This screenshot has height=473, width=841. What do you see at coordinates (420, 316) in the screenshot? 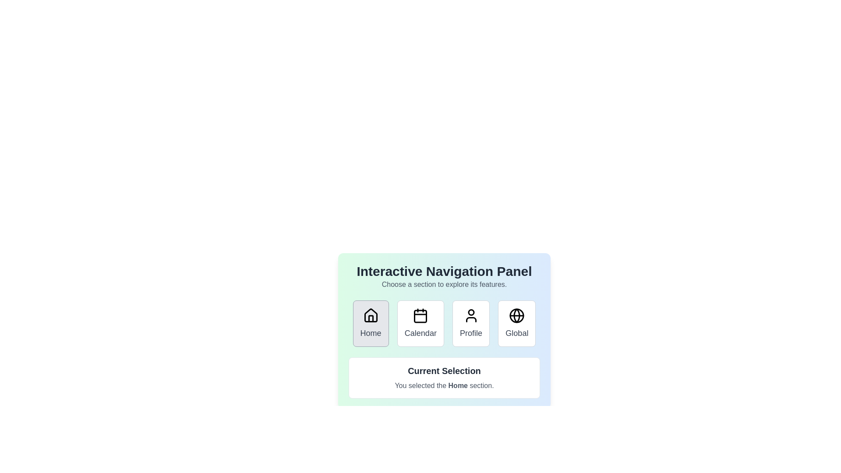
I see `the calendar icon component, which is the second icon from the left in the middle row, positioned between the home icon and profile icon` at bounding box center [420, 316].